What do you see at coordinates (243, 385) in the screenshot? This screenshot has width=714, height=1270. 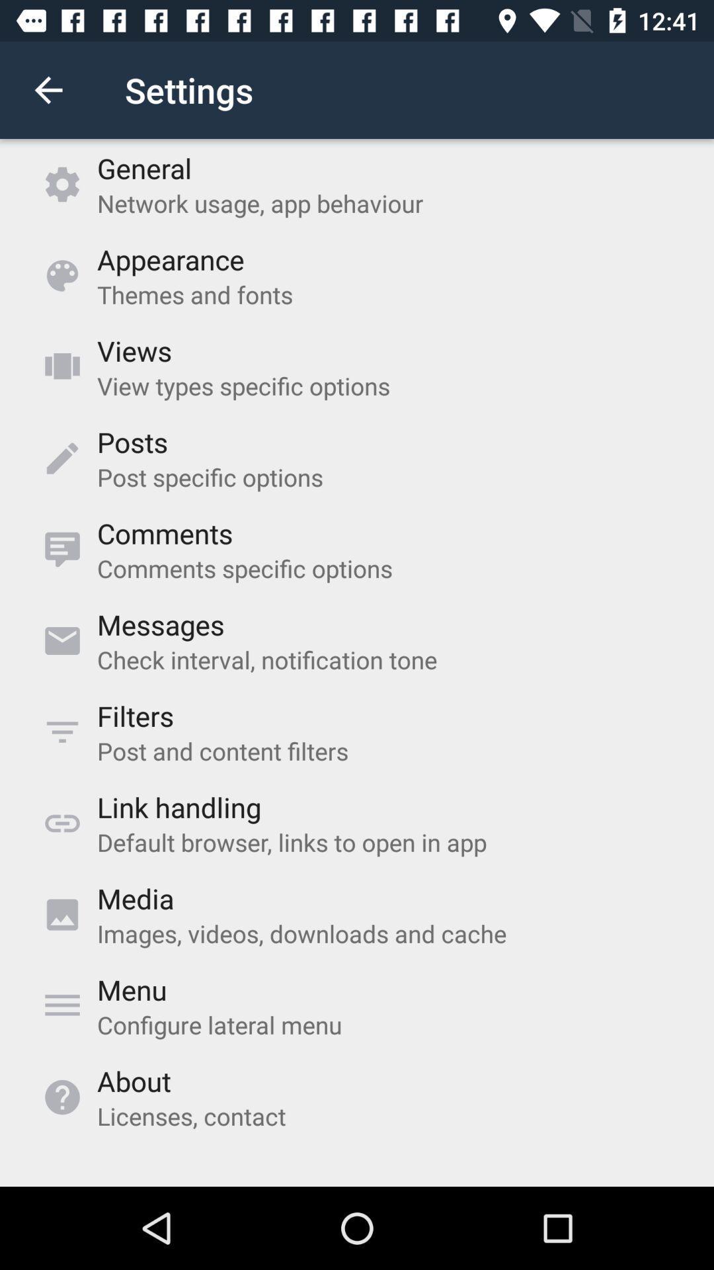 I see `item below views icon` at bounding box center [243, 385].